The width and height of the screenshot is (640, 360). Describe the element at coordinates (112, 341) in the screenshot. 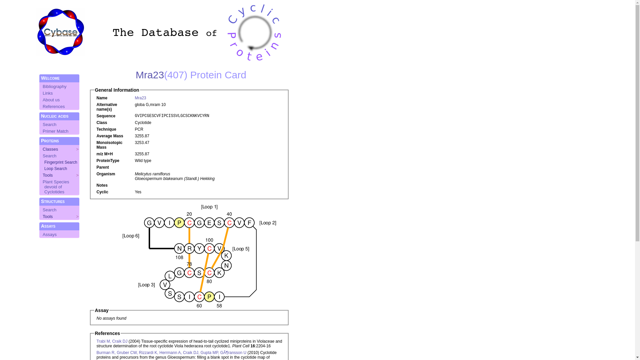

I see `'Trabi M, Craik DJ'` at that location.